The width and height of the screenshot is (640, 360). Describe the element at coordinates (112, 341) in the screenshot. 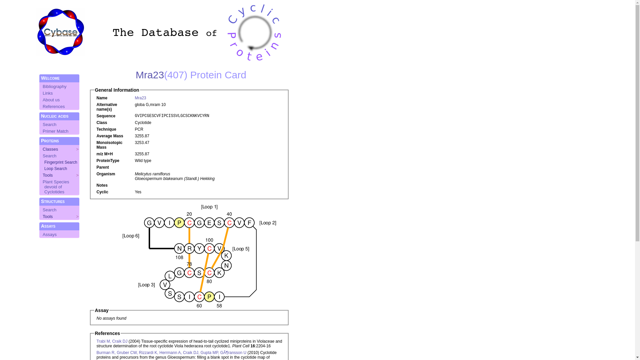

I see `'Trabi M, Craik DJ'` at that location.